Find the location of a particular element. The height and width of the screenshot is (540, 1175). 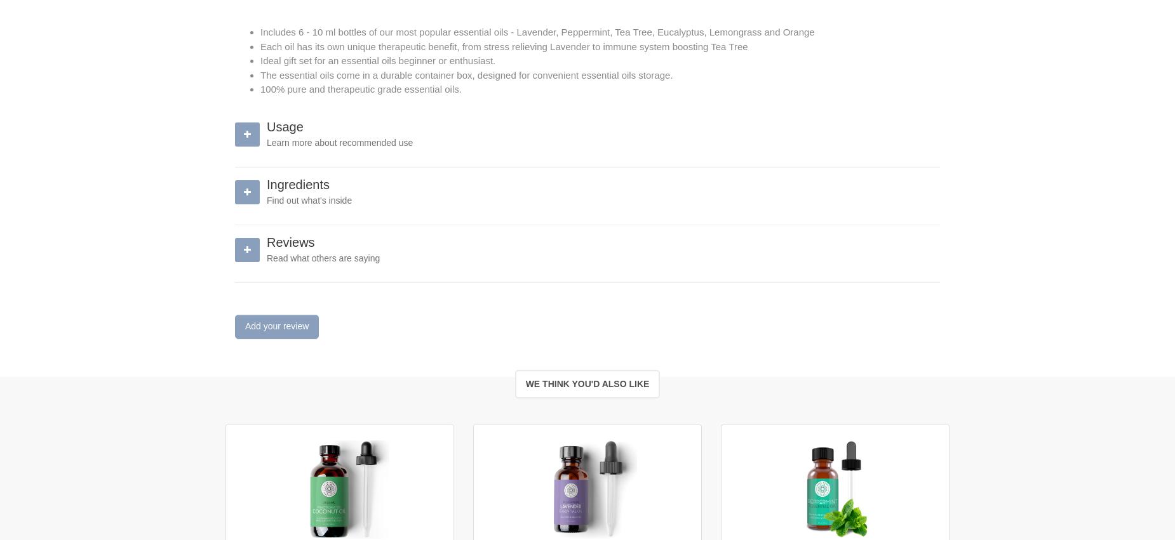

'Ideal gift set for an essential oils beginner or enthusiast.' is located at coordinates (377, 60).